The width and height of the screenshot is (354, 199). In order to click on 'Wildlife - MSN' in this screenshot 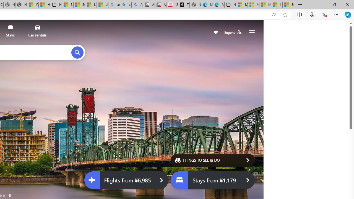, I will do `click(33, 5)`.